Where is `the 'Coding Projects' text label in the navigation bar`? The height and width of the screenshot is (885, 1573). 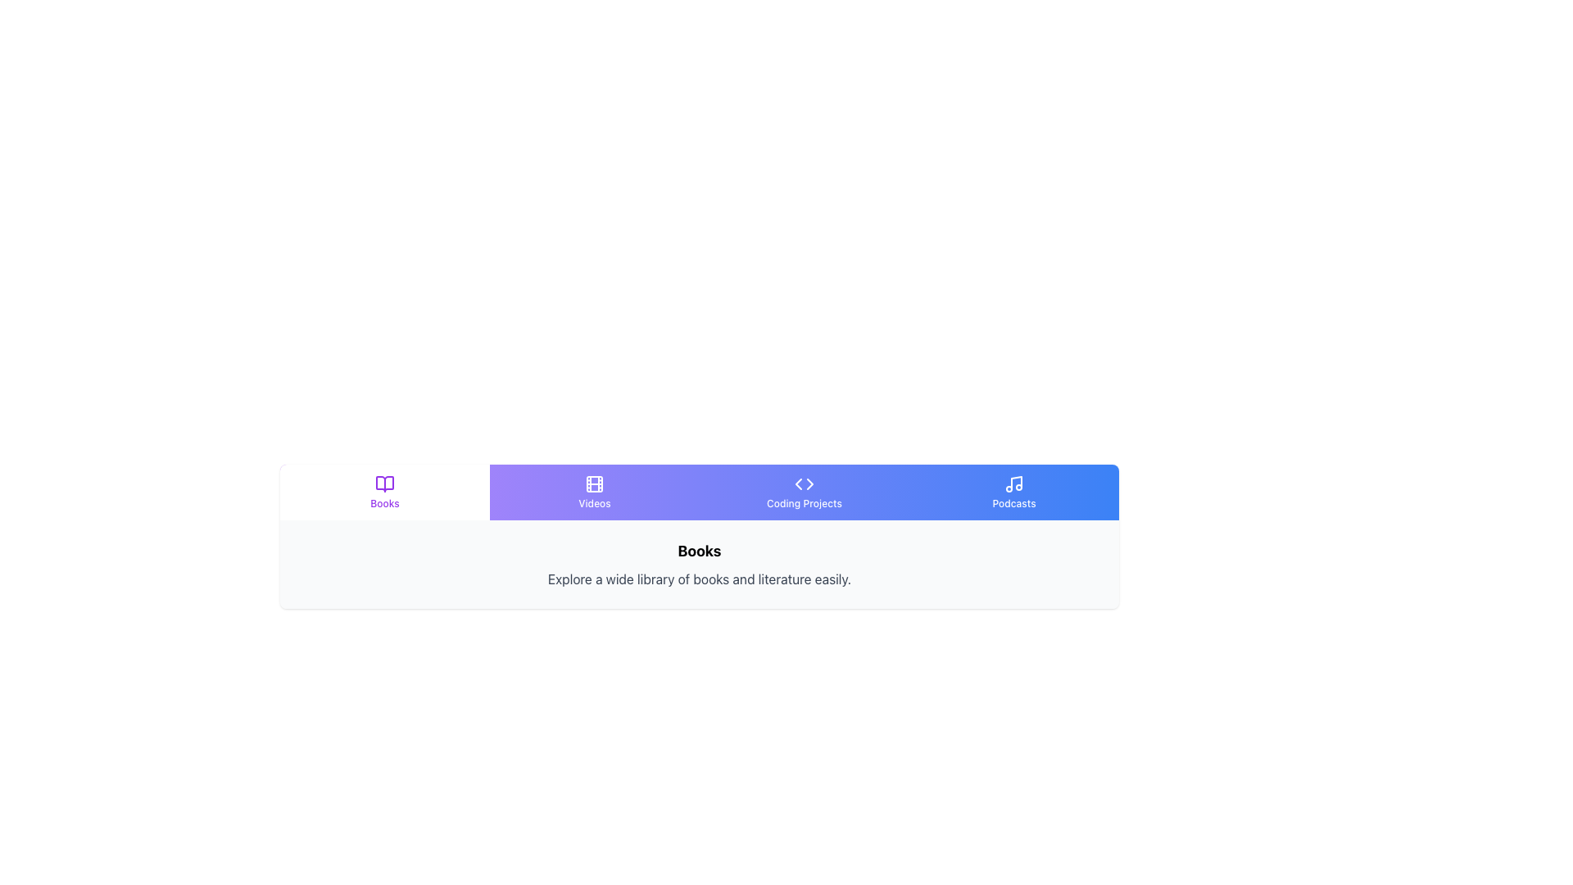
the 'Coding Projects' text label in the navigation bar is located at coordinates (805, 502).